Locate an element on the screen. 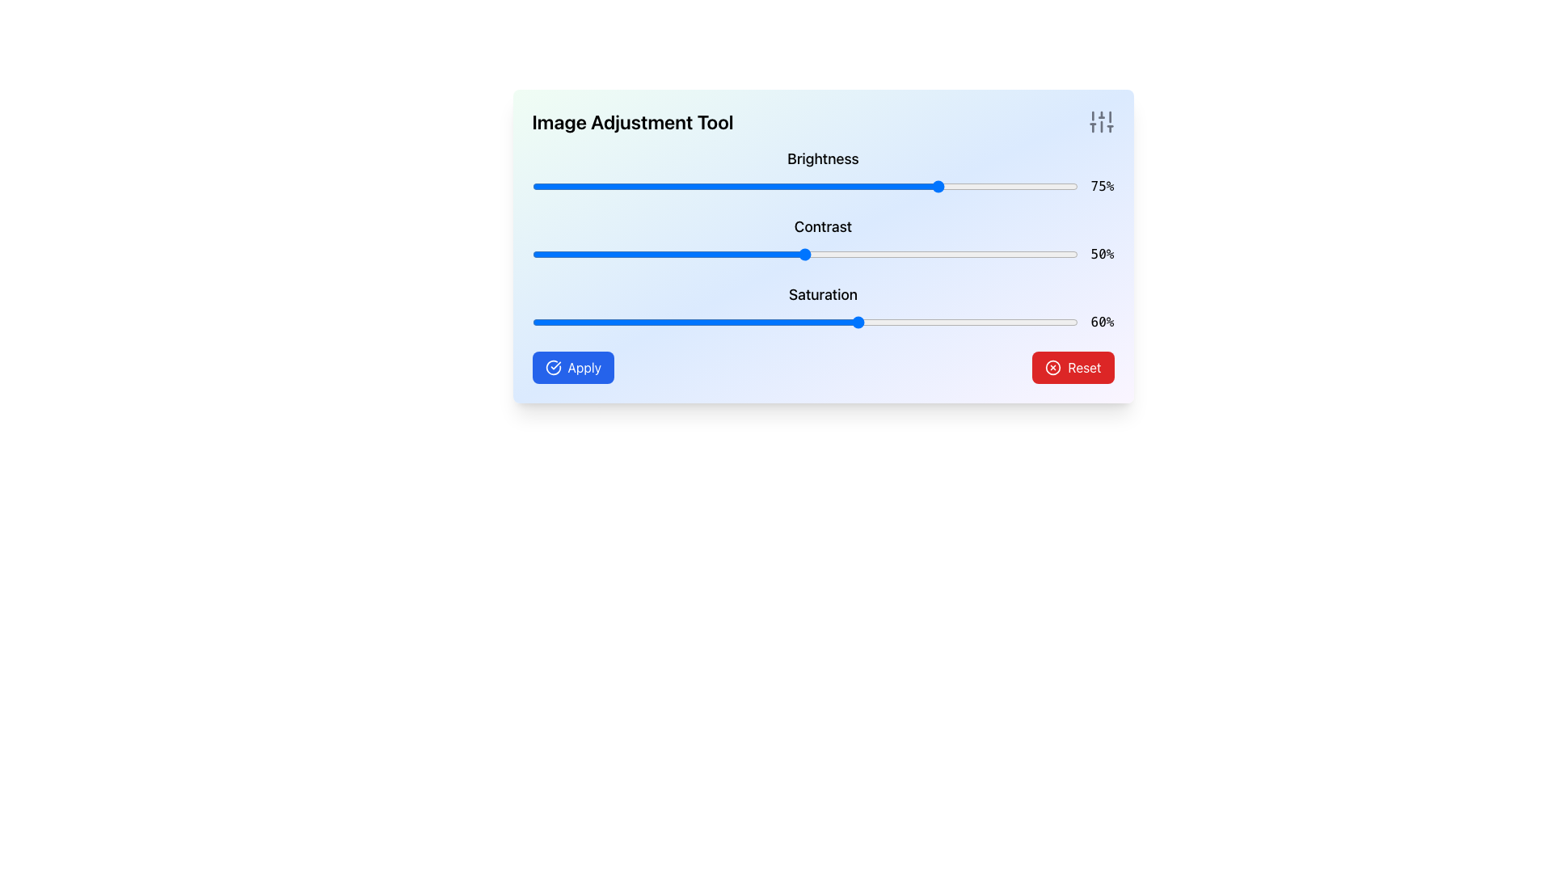  the brightness is located at coordinates (581, 186).